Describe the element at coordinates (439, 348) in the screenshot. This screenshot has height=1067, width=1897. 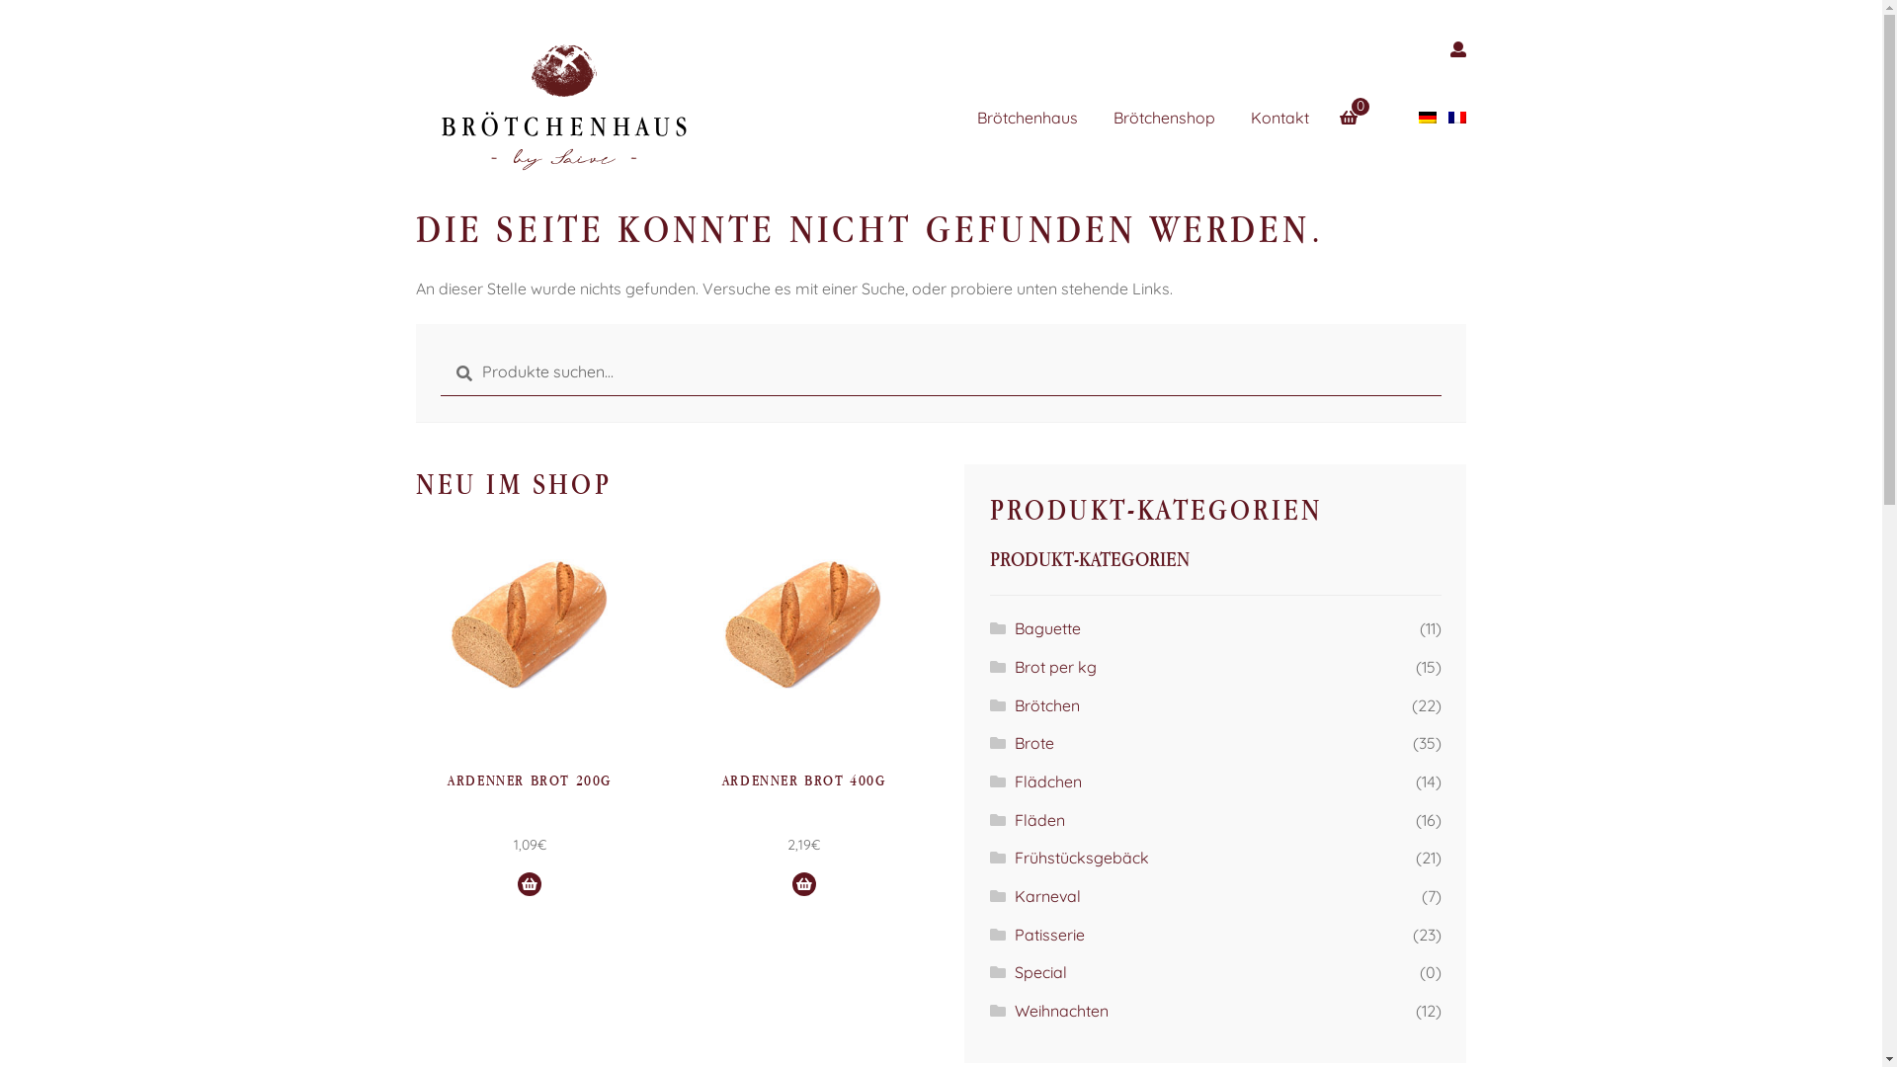
I see `'Suche'` at that location.